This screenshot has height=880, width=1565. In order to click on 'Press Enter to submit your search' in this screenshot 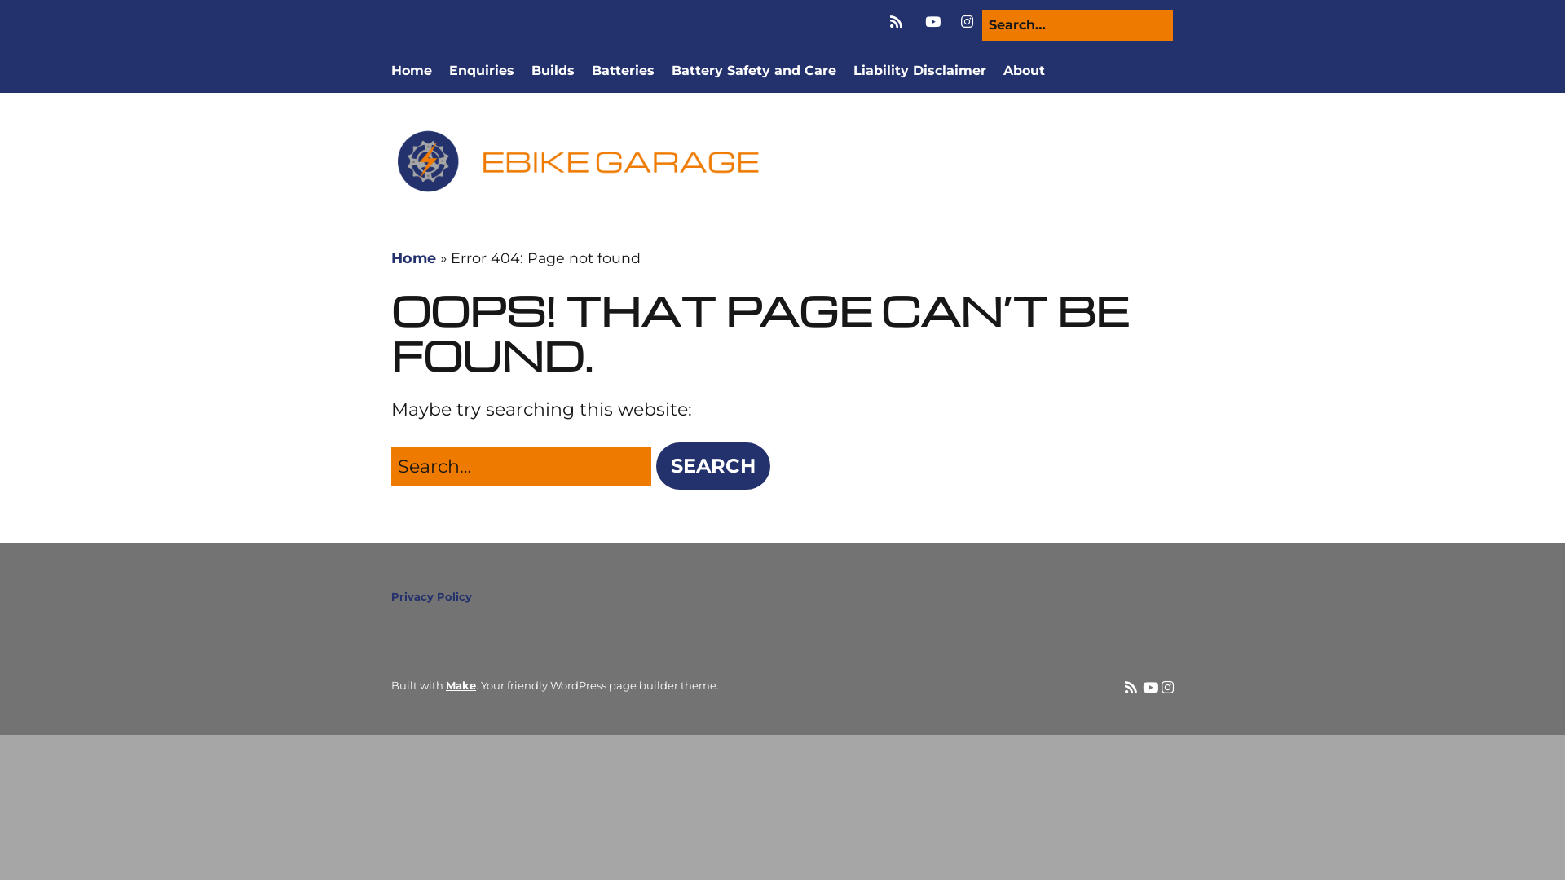, I will do `click(391, 466)`.